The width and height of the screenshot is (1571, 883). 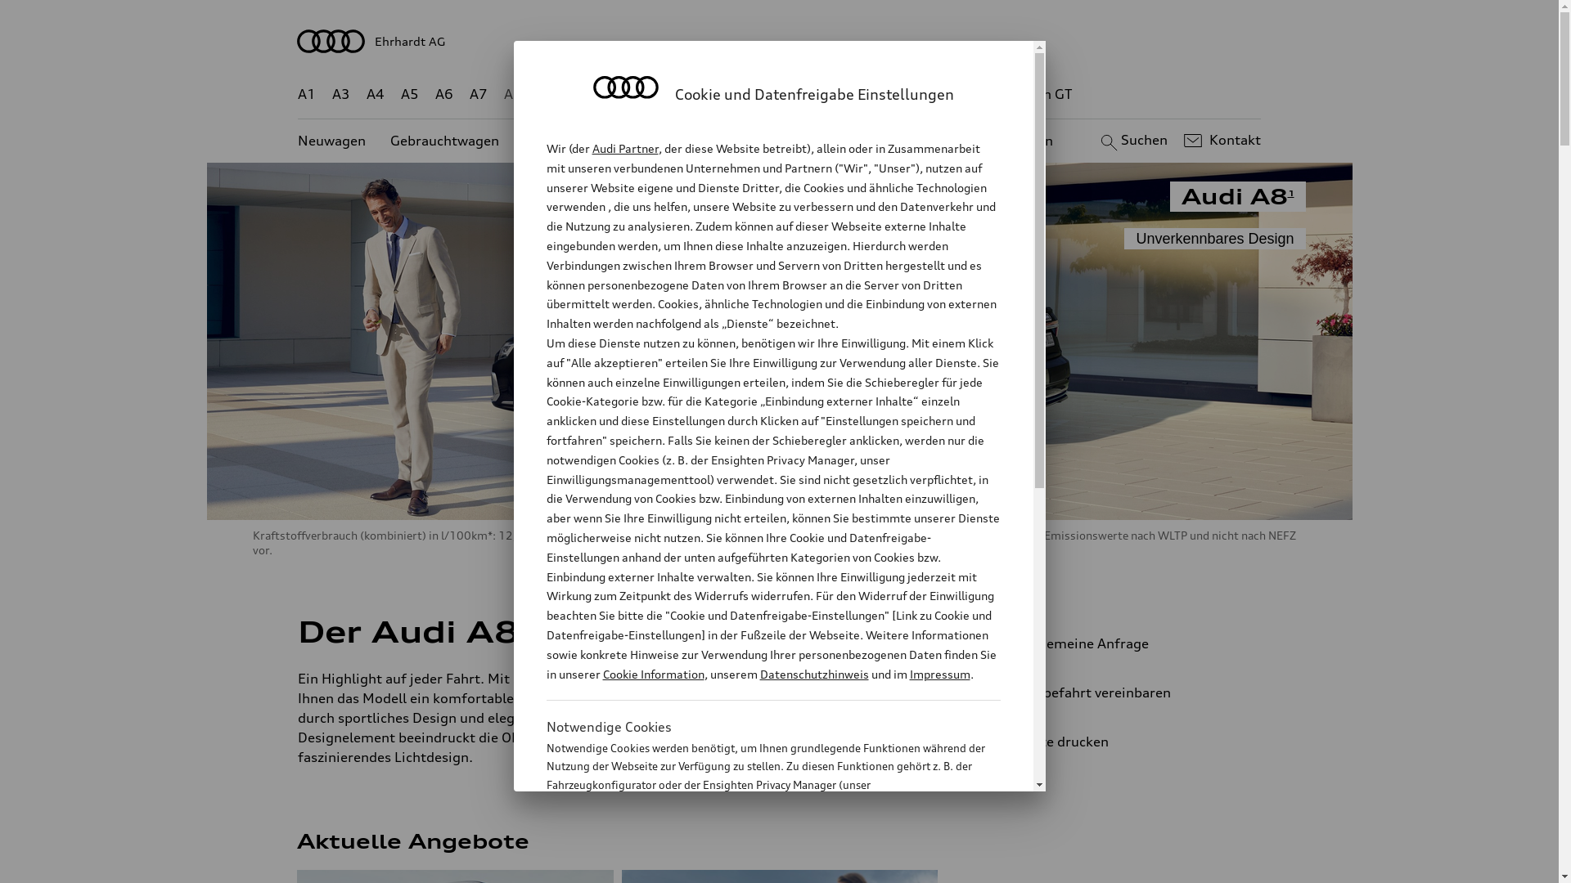 I want to click on 'A4', so click(x=375, y=94).